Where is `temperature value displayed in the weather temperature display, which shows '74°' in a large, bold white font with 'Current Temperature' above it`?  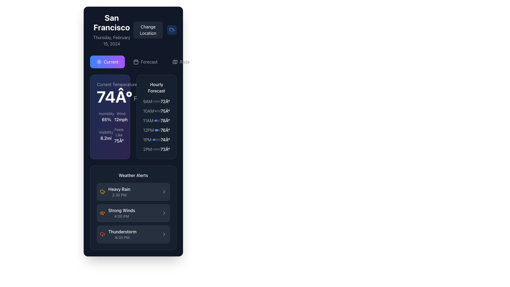
temperature value displayed in the weather temperature display, which shows '74°' in a large, bold white font with 'Current Temperature' above it is located at coordinates (117, 93).